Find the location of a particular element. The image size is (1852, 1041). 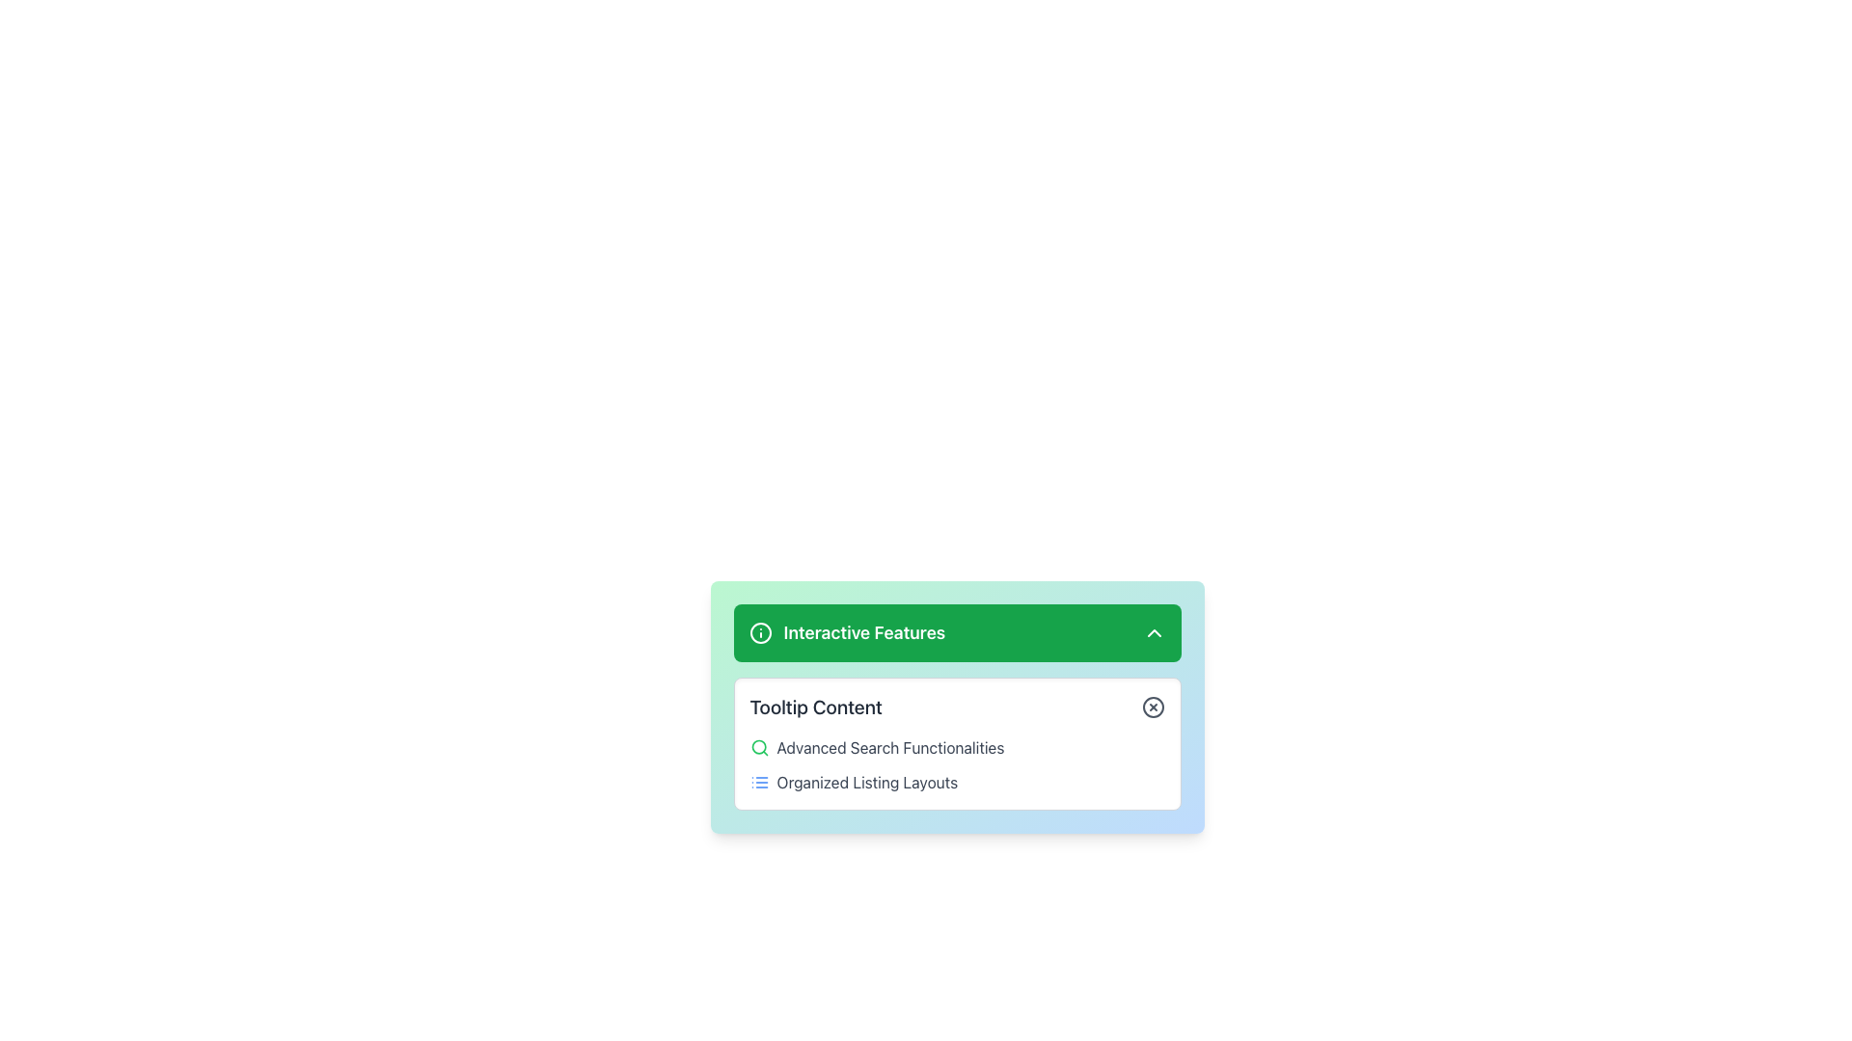

the search indicator icon located to the left of 'Advanced Search Functionalities' in the 'Tooltip Content' section is located at coordinates (758, 746).